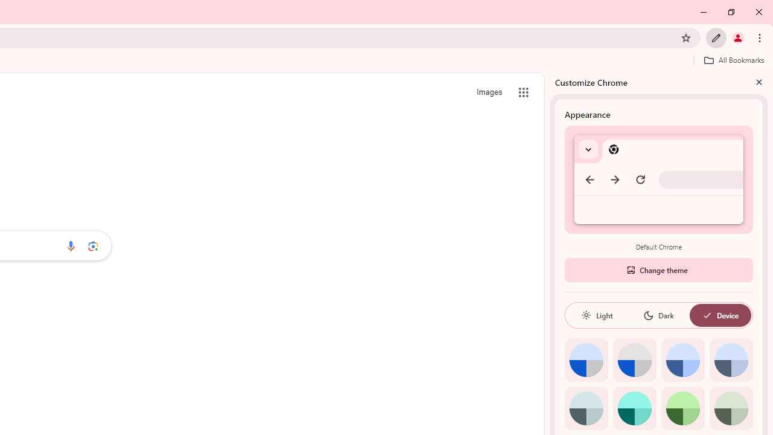 Image resolution: width=773 pixels, height=435 pixels. Describe the element at coordinates (633, 408) in the screenshot. I see `'Aqua'` at that location.